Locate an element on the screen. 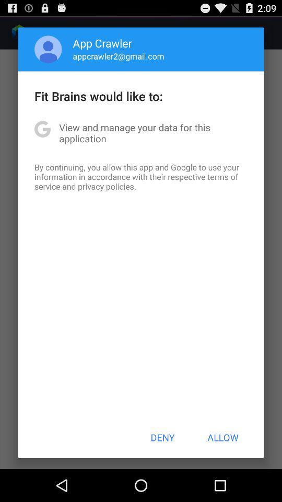 This screenshot has width=282, height=502. the item below the app crawler icon is located at coordinates (118, 56).